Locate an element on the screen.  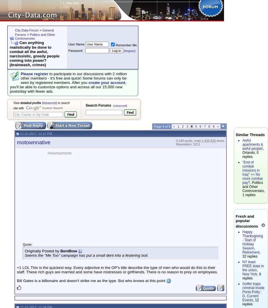
'3,190 posts, read' is located at coordinates (188, 140).